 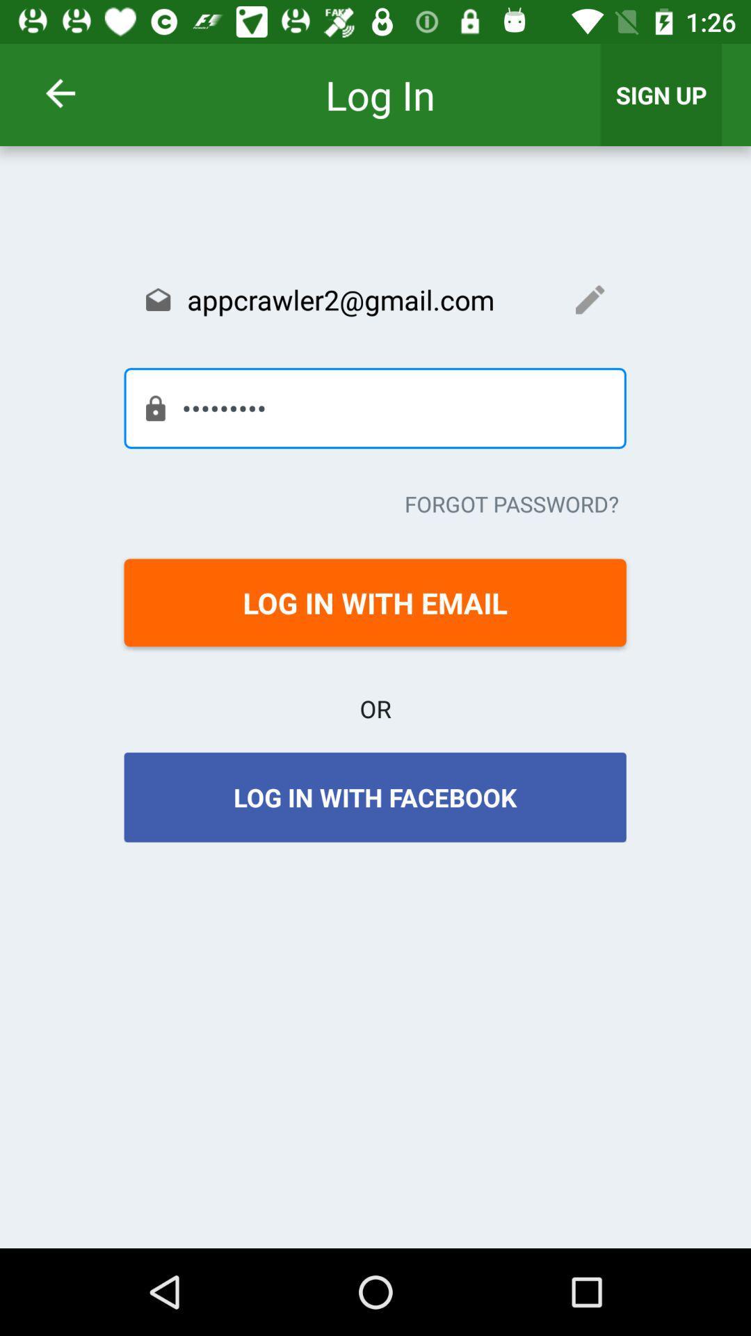 What do you see at coordinates (661, 94) in the screenshot?
I see `sign up icon` at bounding box center [661, 94].